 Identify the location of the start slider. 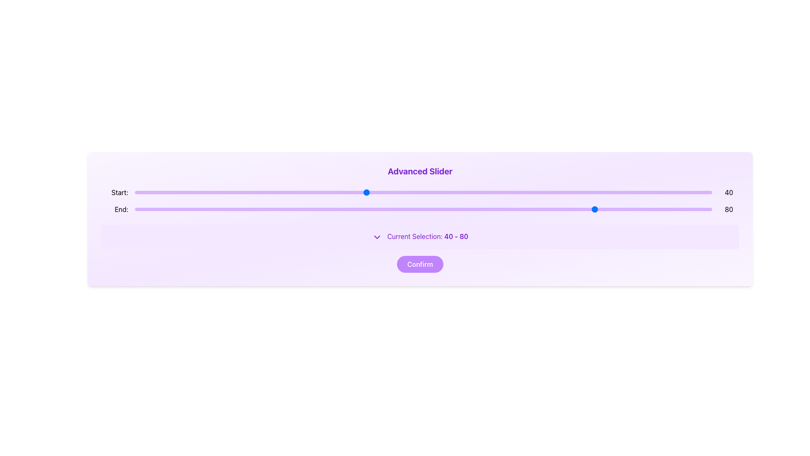
(435, 192).